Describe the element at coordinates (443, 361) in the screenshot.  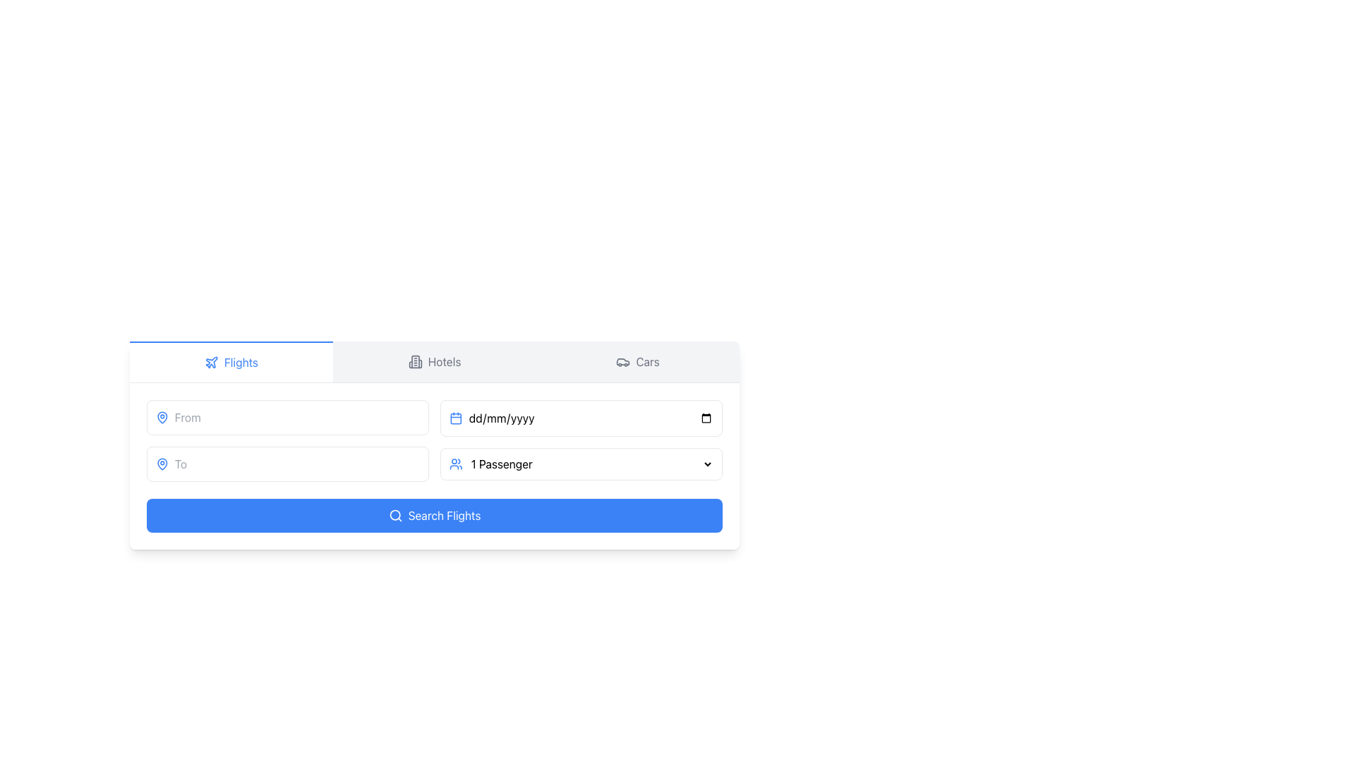
I see `the 'Hotels' text label in the horizontal navigation menu` at that location.